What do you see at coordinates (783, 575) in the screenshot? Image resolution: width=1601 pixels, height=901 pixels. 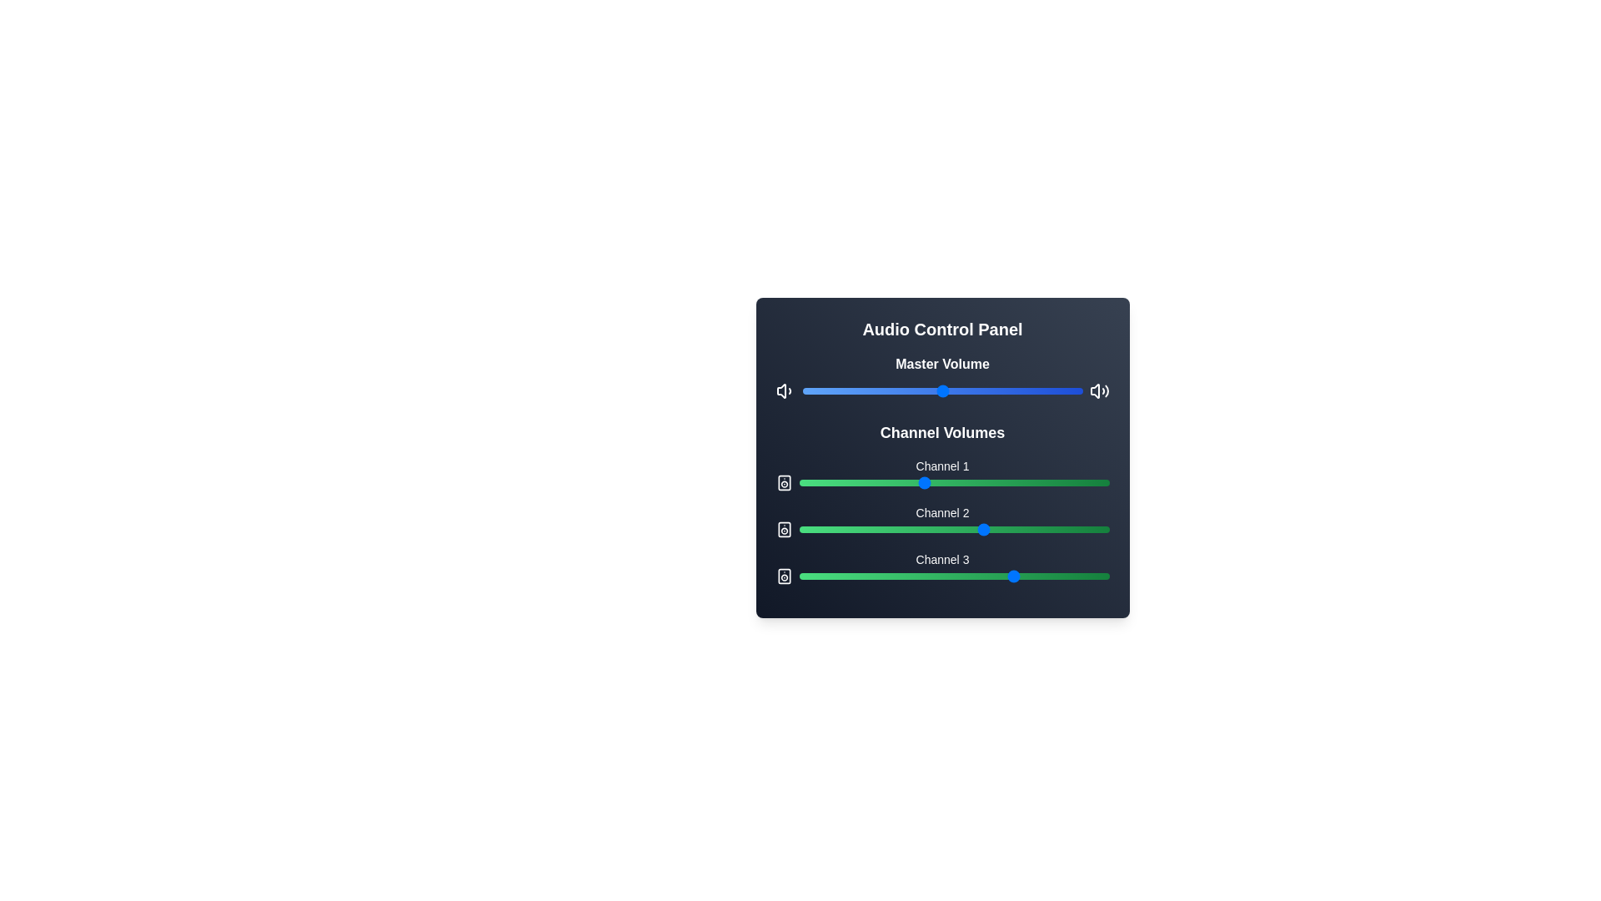 I see `the small speaker icon located on the left side of the third row in the 'Channel Volumes' section, which is styled with a thin stroke and has no fill` at bounding box center [783, 575].